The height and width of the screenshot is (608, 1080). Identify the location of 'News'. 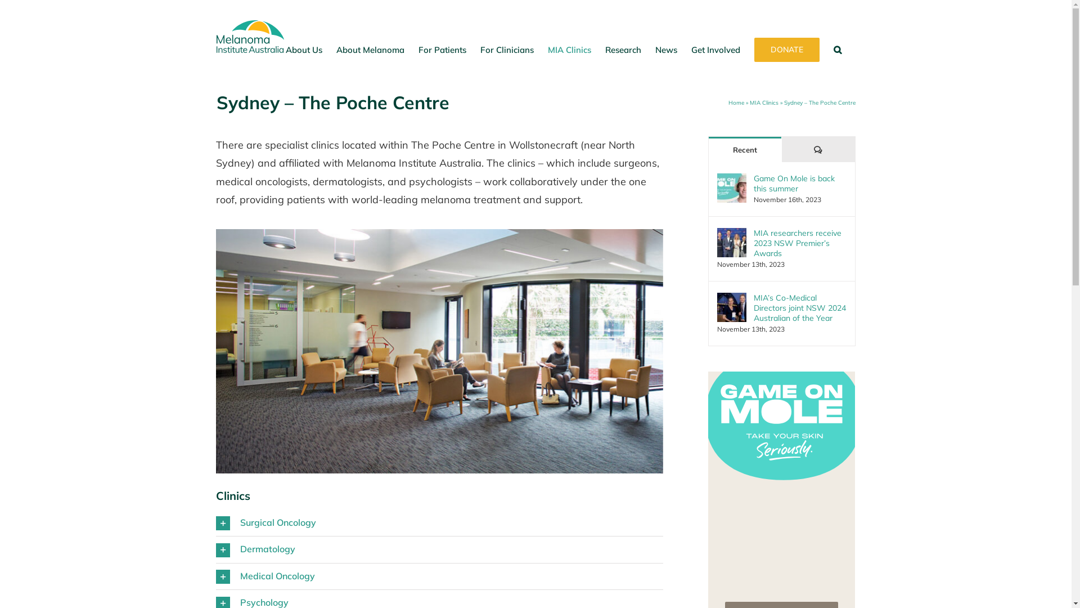
(665, 49).